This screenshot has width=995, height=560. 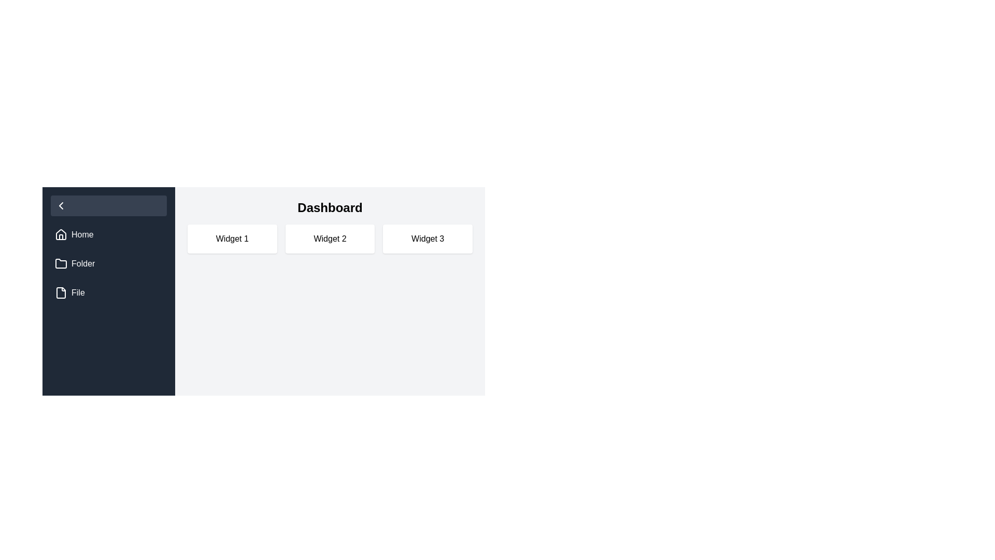 What do you see at coordinates (330, 208) in the screenshot?
I see `the text label that serves as the title for the 'Dashboard' section, positioned above the widgets labeled 'Widget 1', 'Widget 2', and 'Widget 3'` at bounding box center [330, 208].